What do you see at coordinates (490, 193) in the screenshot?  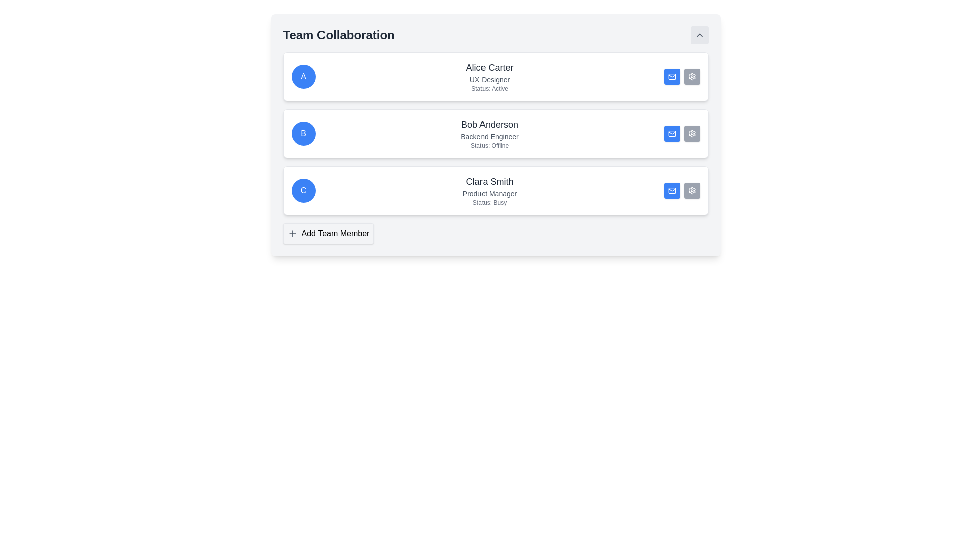 I see `the text label displaying 'Product Manager', which is styled in light gray color and positioned between the name 'Clara Smith' and the status 'Status: Busy' within the user profile card` at bounding box center [490, 193].